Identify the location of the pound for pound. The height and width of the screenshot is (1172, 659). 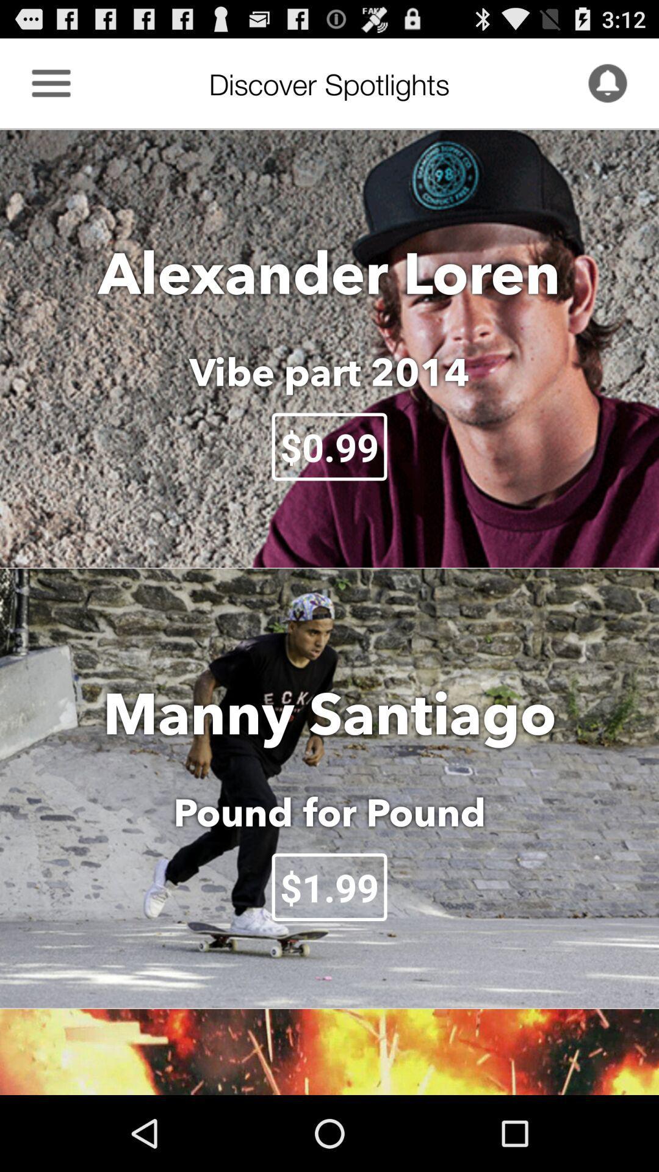
(329, 812).